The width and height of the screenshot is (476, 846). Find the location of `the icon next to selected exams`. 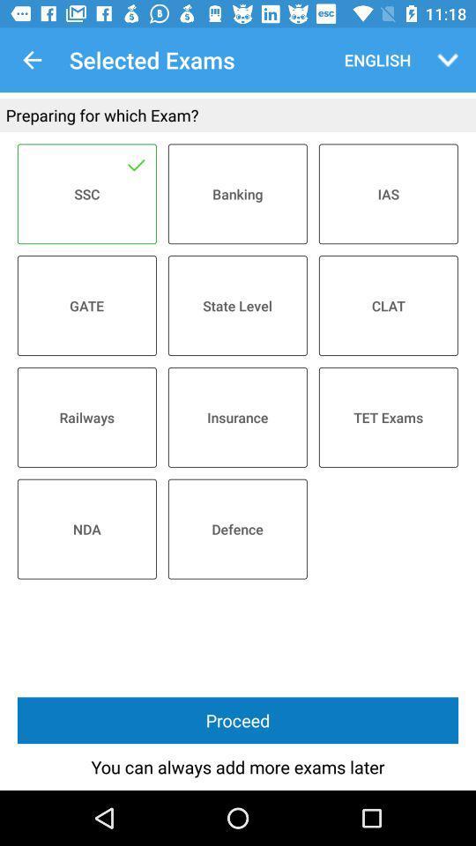

the icon next to selected exams is located at coordinates (32, 60).